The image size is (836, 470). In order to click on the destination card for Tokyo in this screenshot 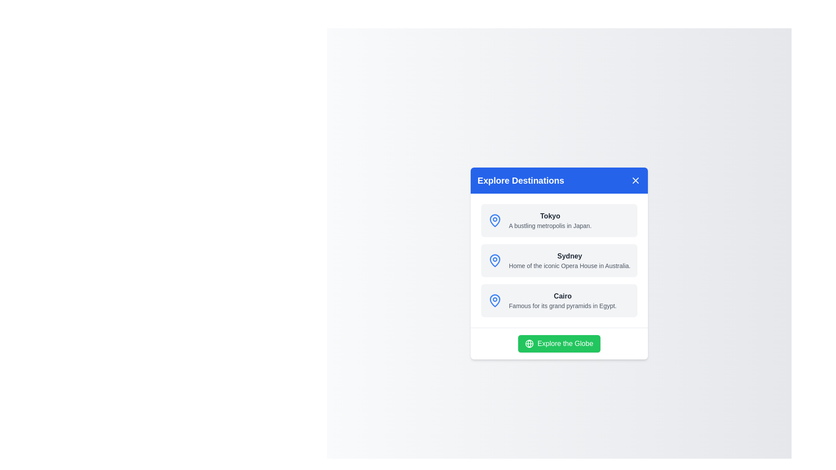, I will do `click(559, 220)`.